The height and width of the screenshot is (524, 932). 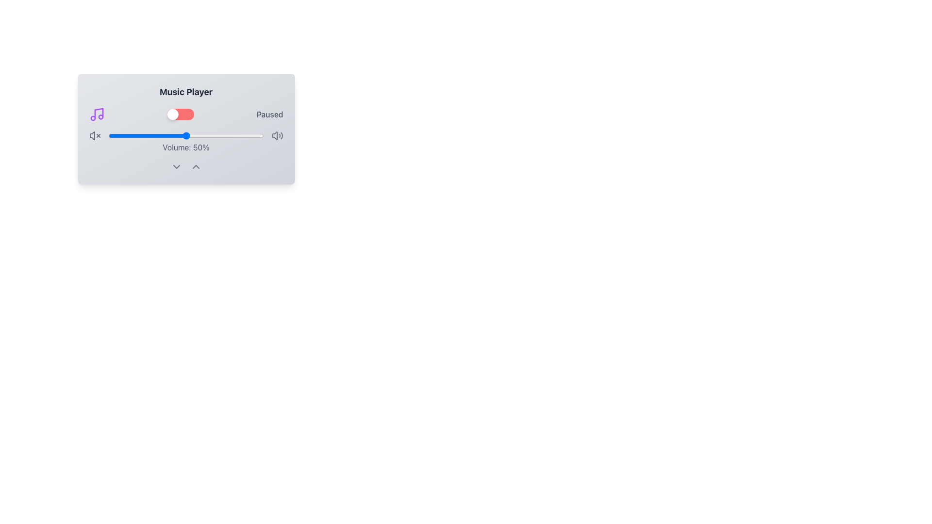 What do you see at coordinates (195, 166) in the screenshot?
I see `the upward-pointing chevron icon with a gray outline located at the bottom center of the music player interface, which is the second icon in a horizontal group of icons` at bounding box center [195, 166].